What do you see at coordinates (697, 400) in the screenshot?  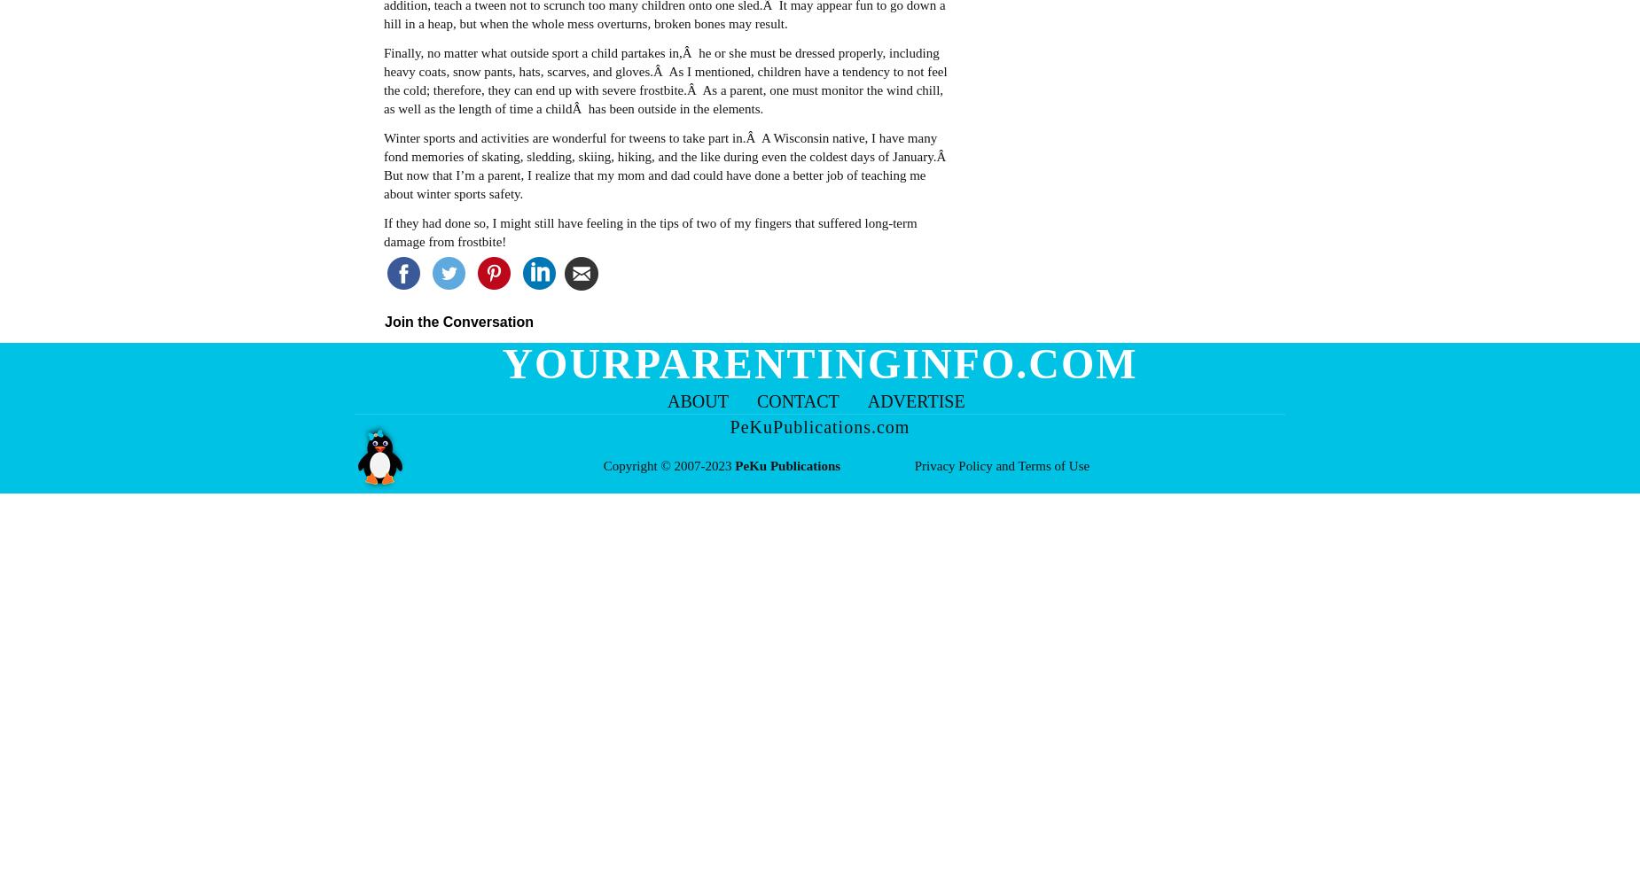 I see `'About'` at bounding box center [697, 400].